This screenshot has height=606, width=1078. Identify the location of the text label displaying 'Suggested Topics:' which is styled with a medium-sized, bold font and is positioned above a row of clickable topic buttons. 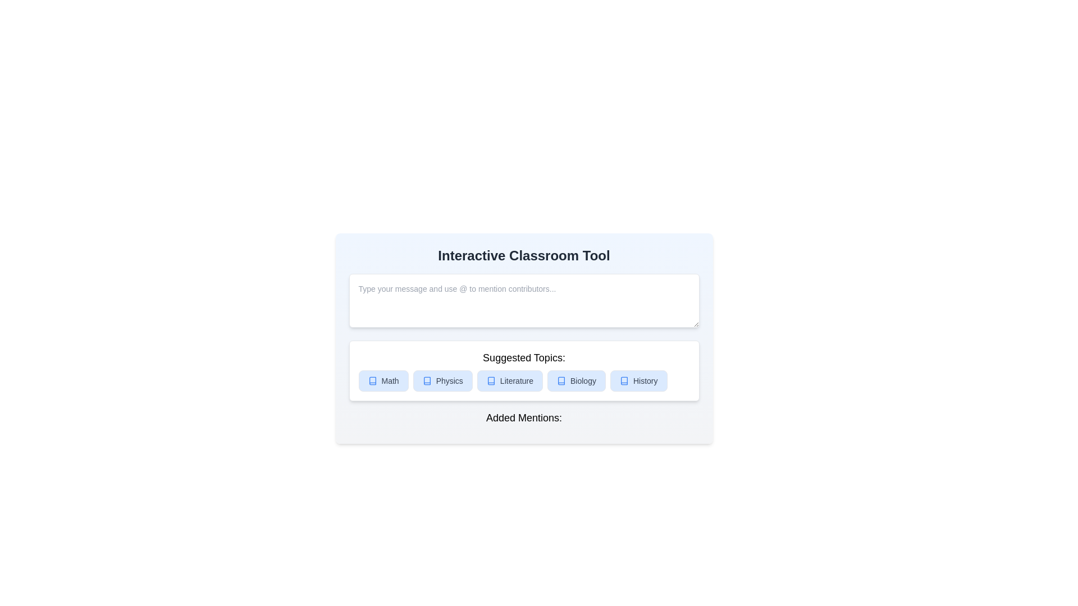
(523, 357).